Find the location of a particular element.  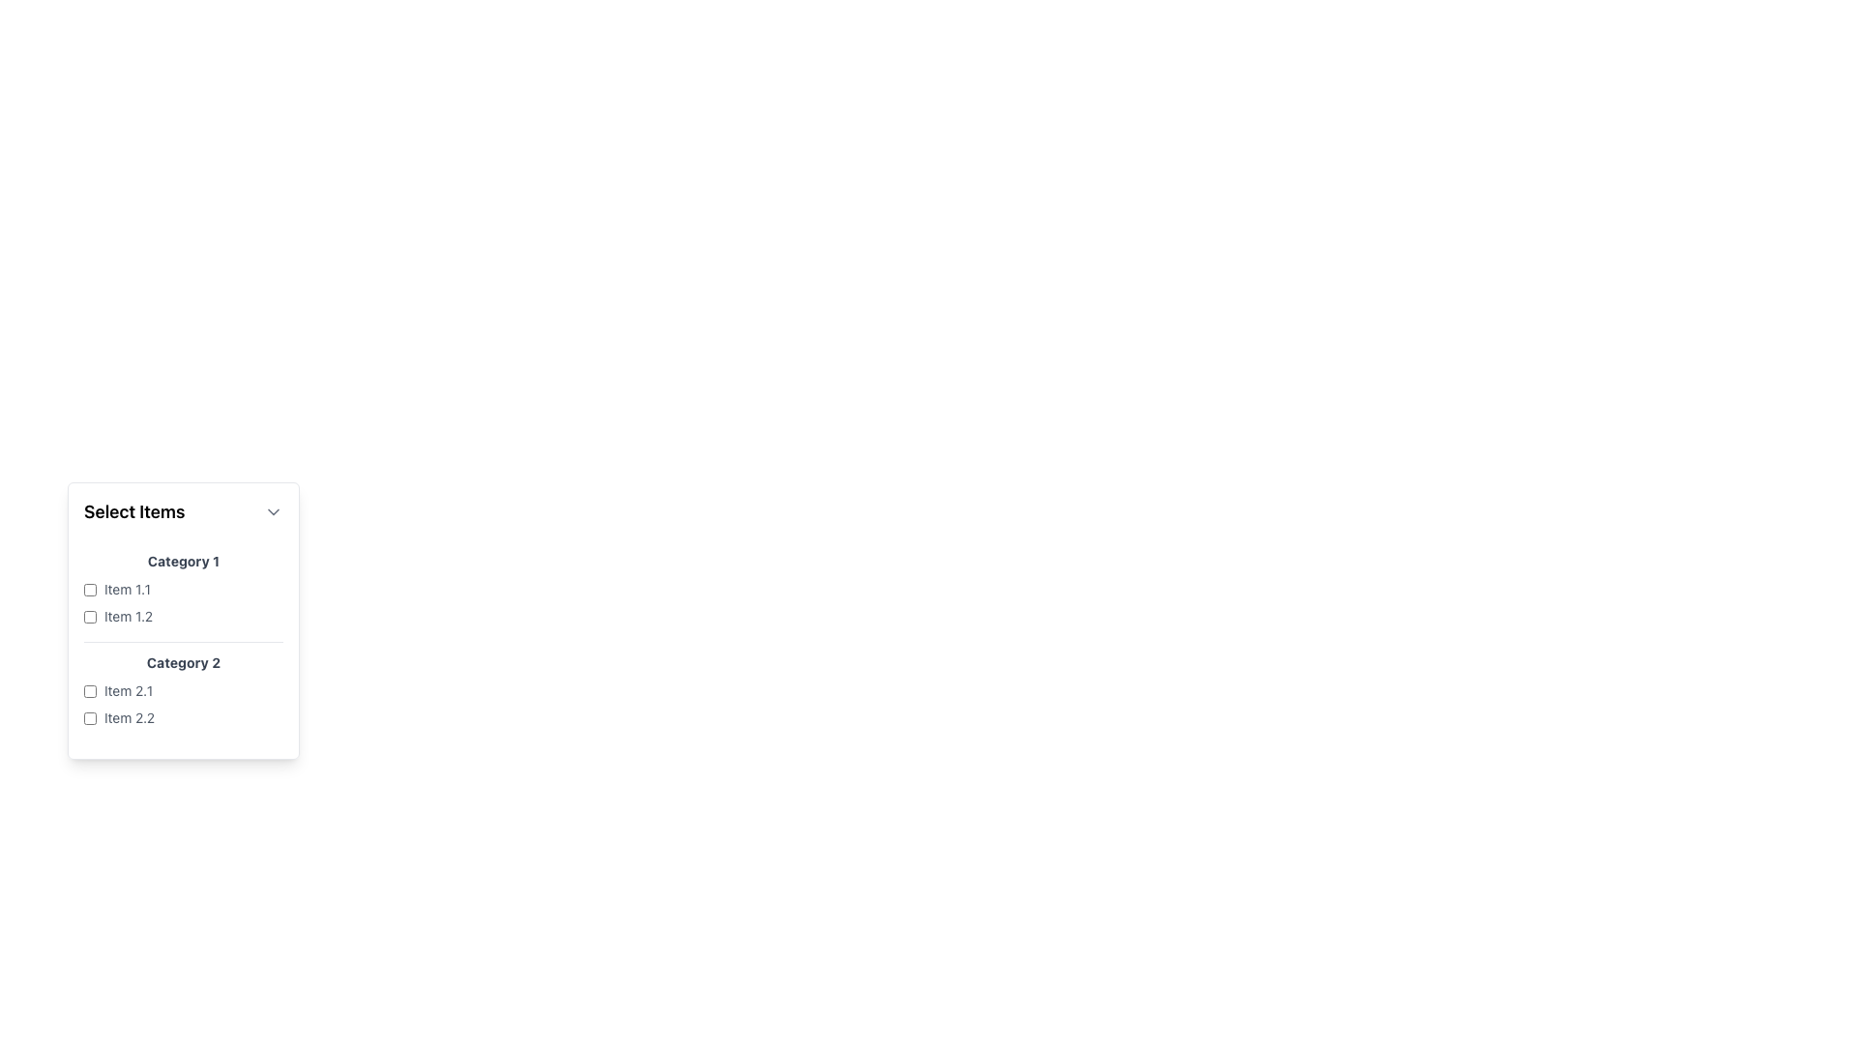

the checkbox adjacent to the text 'Item 1.2' is located at coordinates (89, 616).